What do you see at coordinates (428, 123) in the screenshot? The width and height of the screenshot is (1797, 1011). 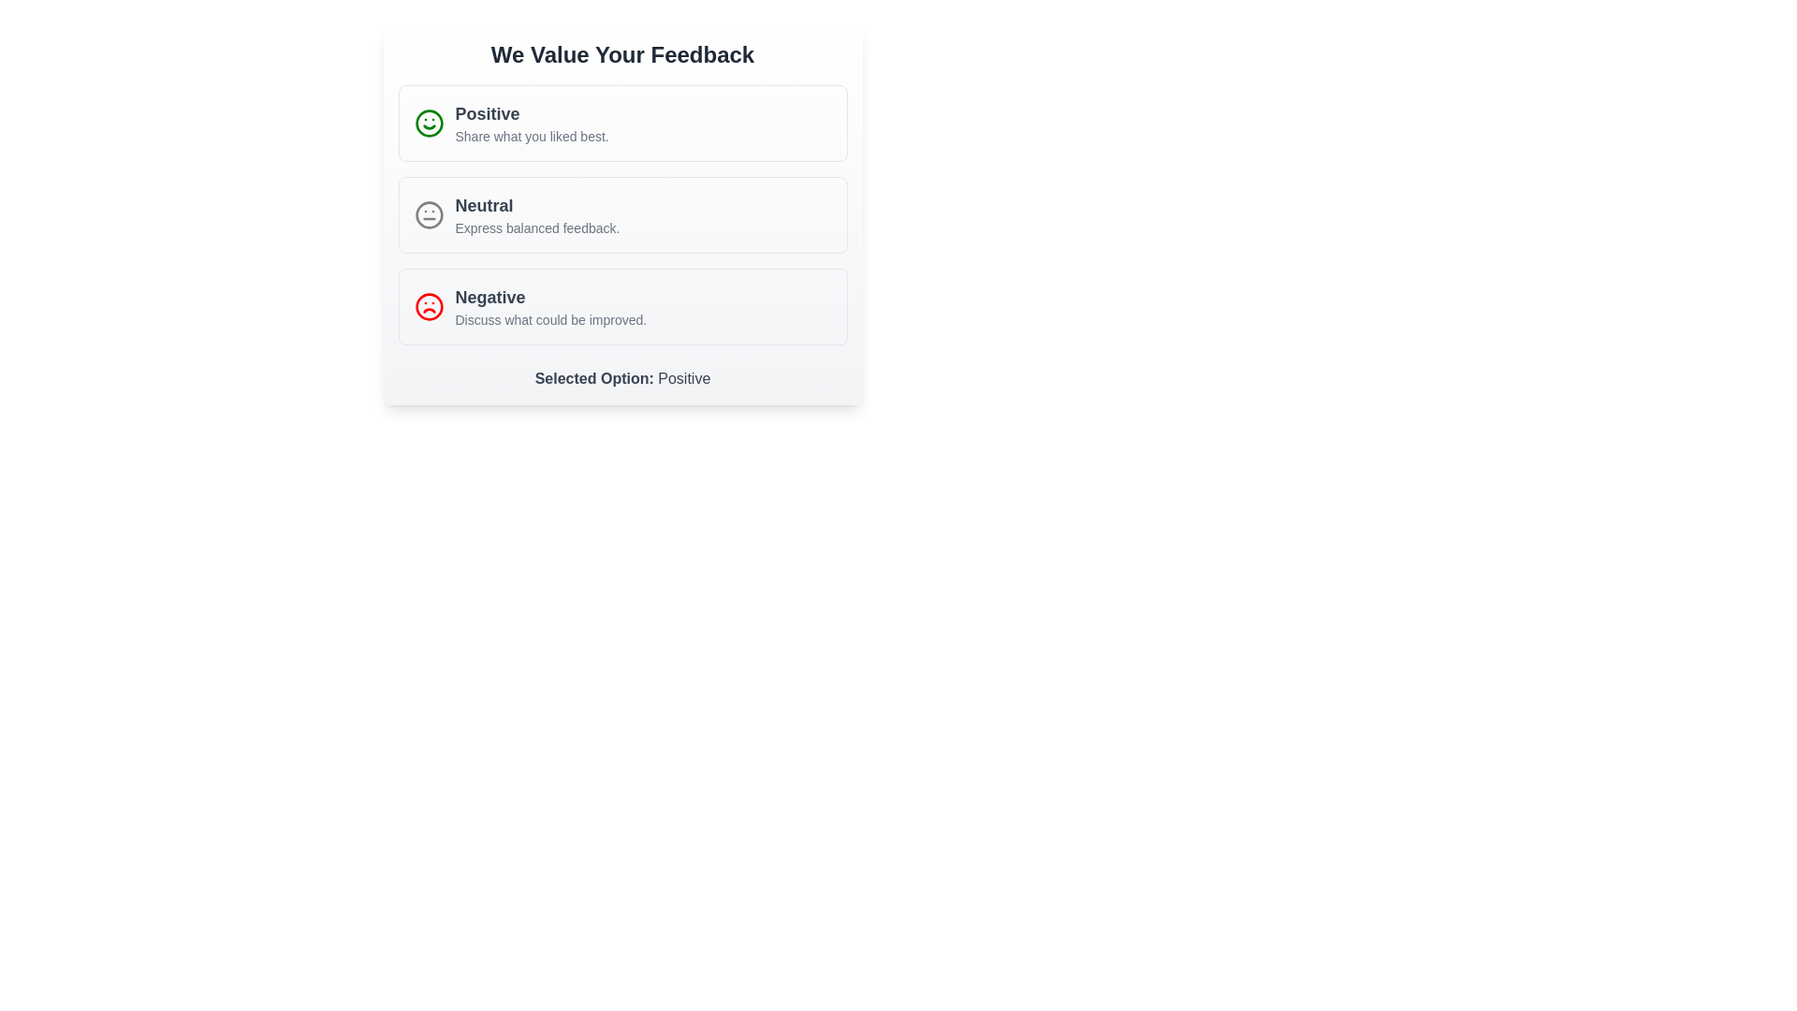 I see `the 'Positive' feedback icon, which is located in the first selection box labeled 'Positive' and positioned near the top-left corner of the interface` at bounding box center [428, 123].